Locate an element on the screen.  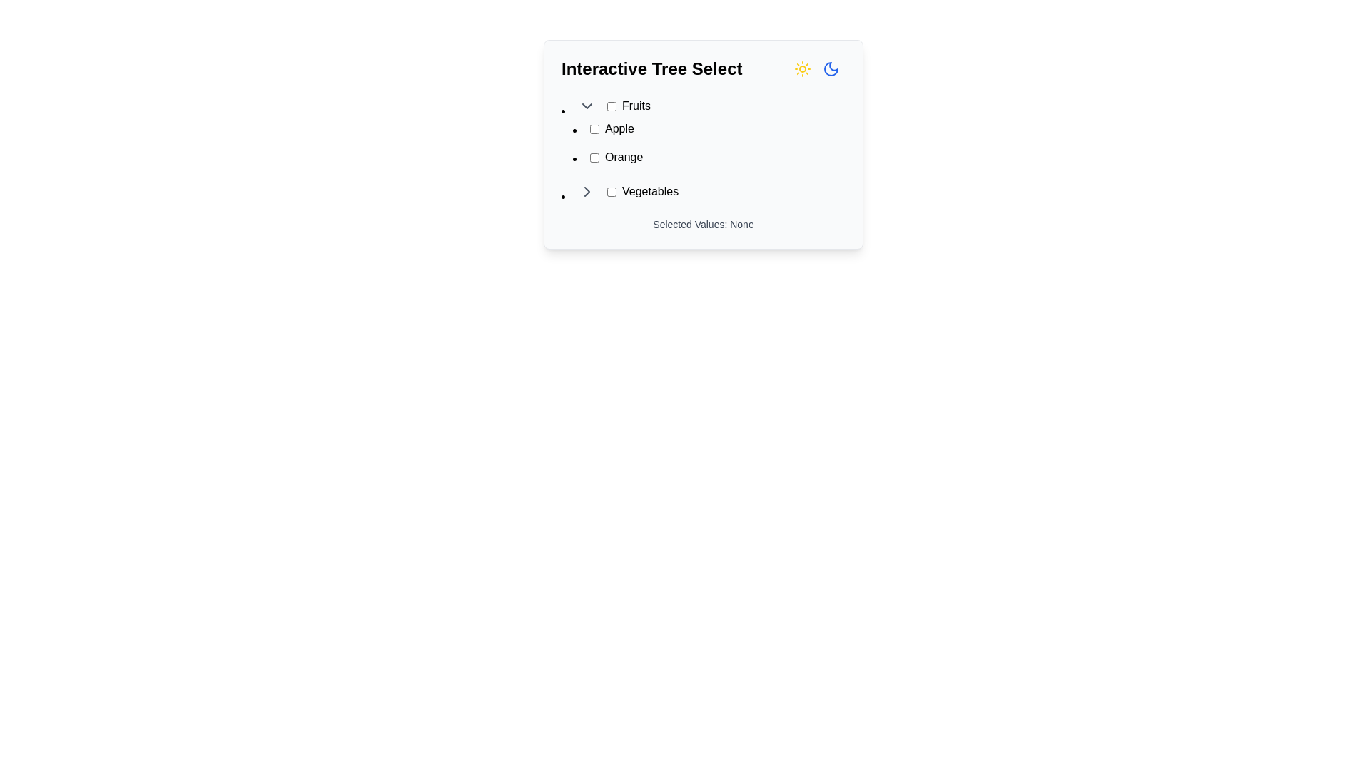
the text label that serves as a header or title for a card or interface section, located at the top-center of the card-like component is located at coordinates (651, 68).